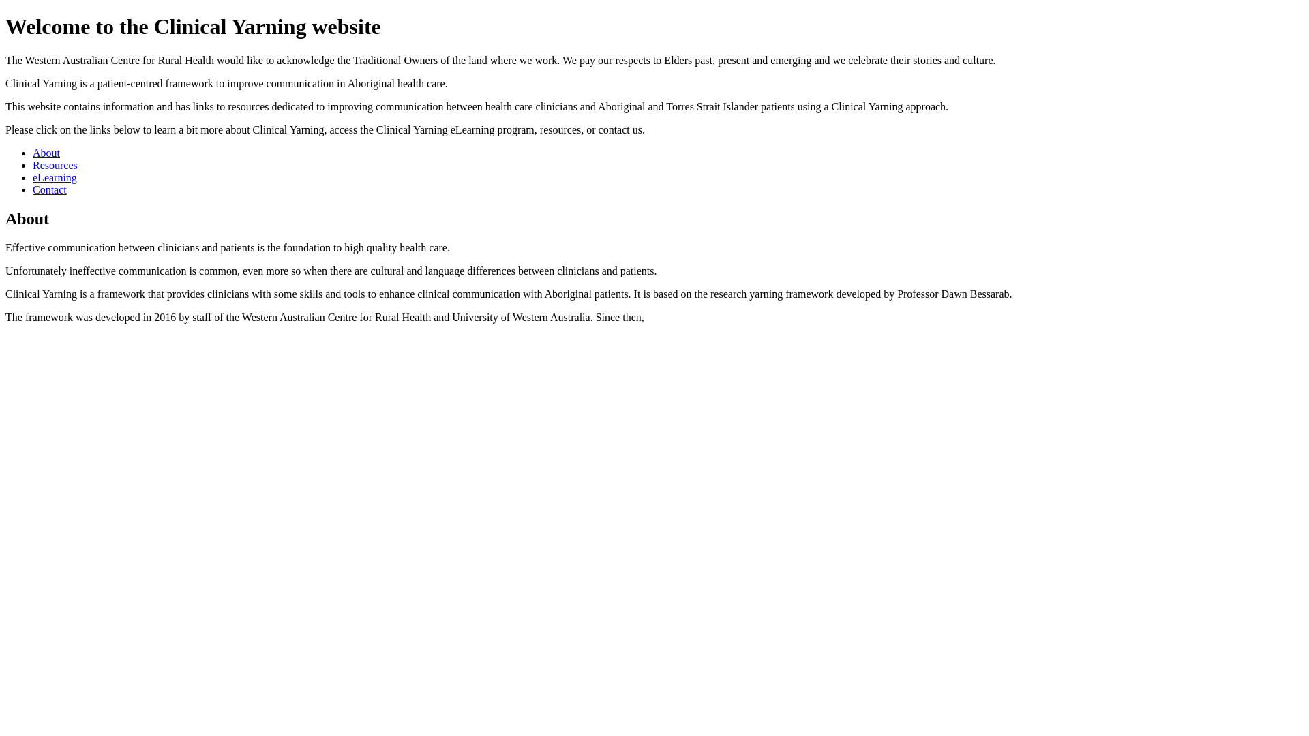  Describe the element at coordinates (46, 153) in the screenshot. I see `'About'` at that location.